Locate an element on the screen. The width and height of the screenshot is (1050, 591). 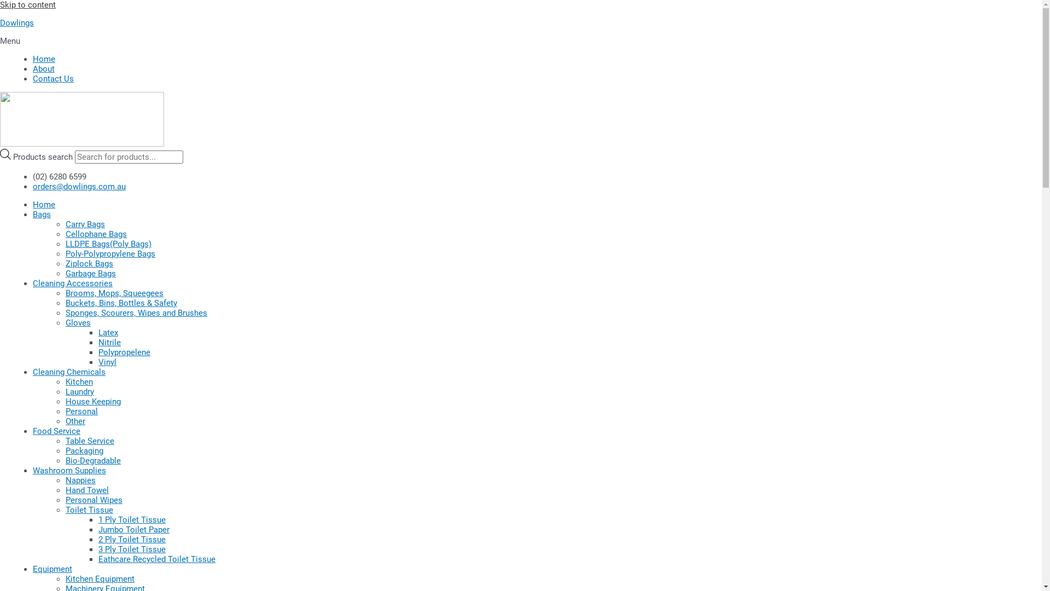
'LLDPE Bags(Poly Bags)' is located at coordinates (108, 244).